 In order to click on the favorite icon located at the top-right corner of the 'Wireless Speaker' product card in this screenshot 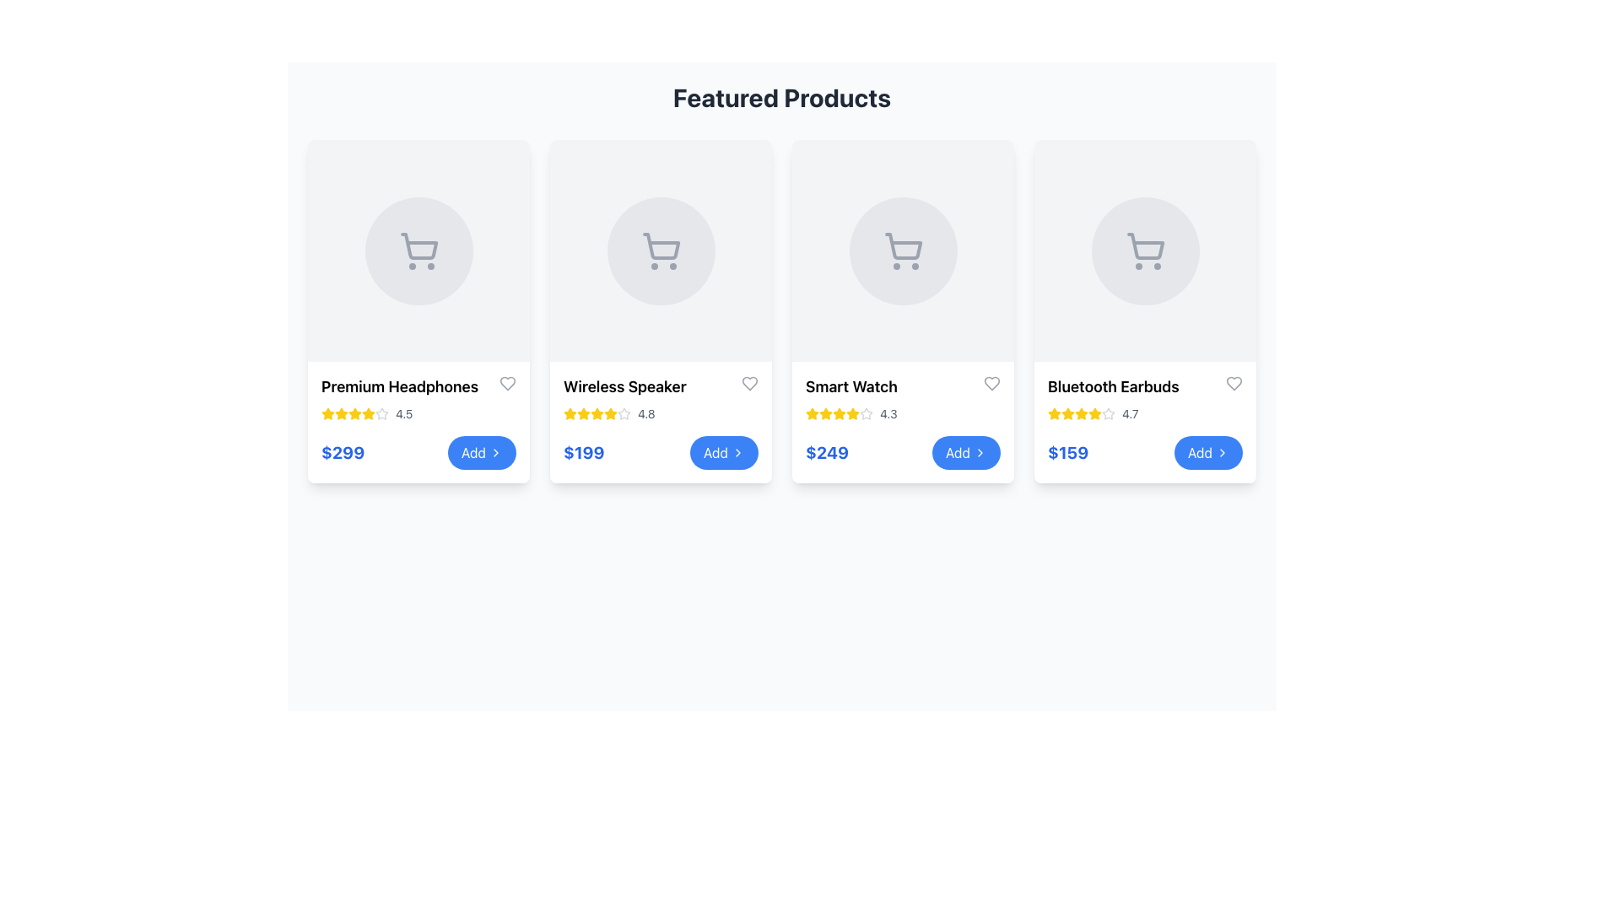, I will do `click(748, 384)`.